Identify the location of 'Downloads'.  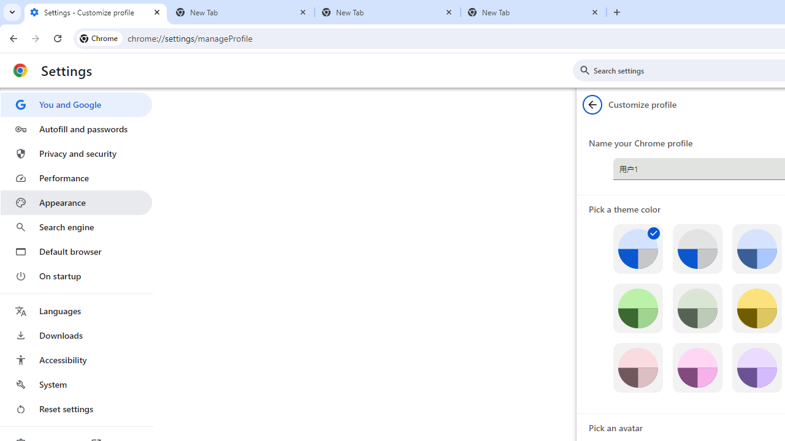
(75, 335).